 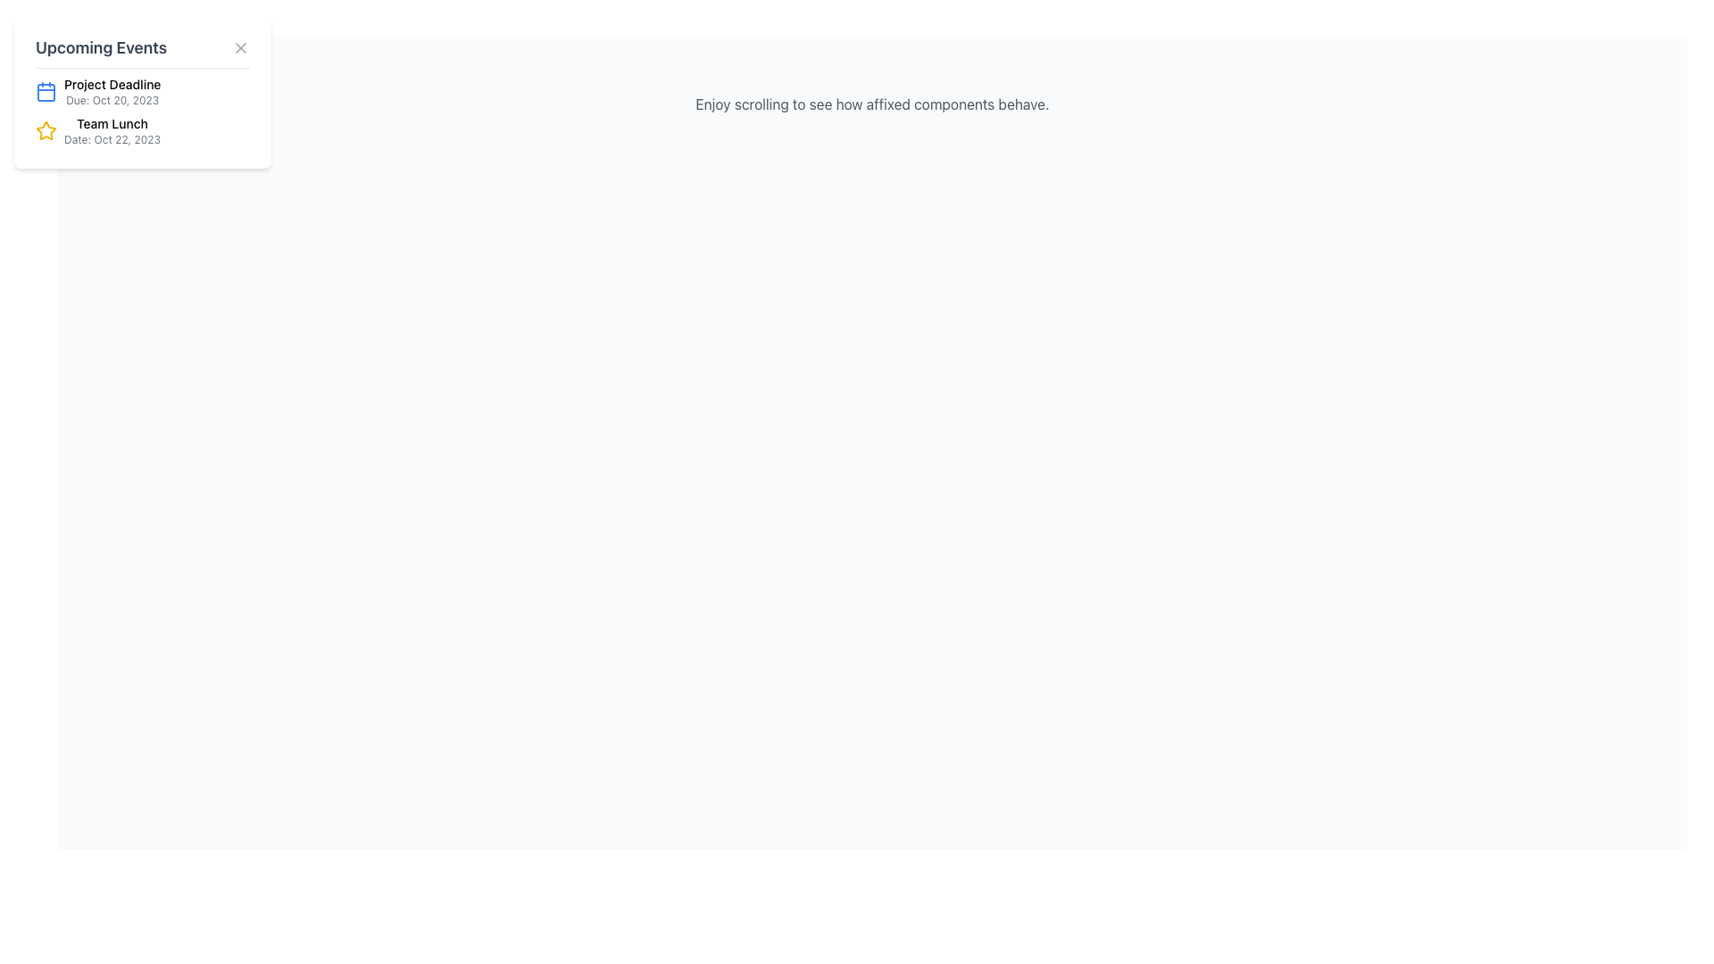 I want to click on the yellow star-shaped icon, which is the leftmost component of the list item labeled 'Team Lunch Date: Oct 22, 2023' in the 'Upcoming Events' section, so click(x=46, y=129).